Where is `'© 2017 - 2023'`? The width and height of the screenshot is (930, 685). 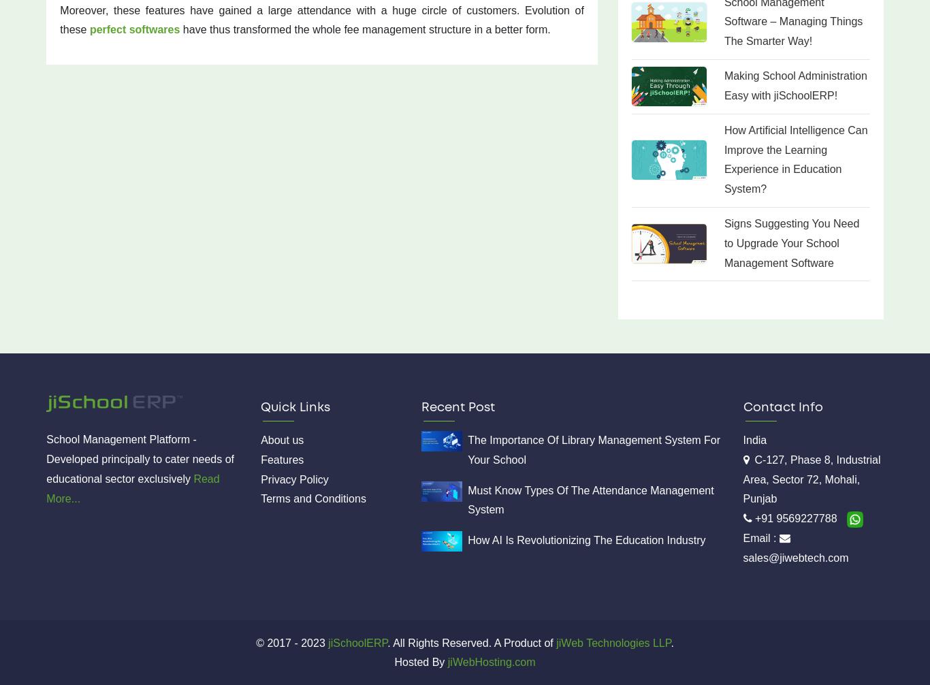 '© 2017 - 2023' is located at coordinates (289, 641).